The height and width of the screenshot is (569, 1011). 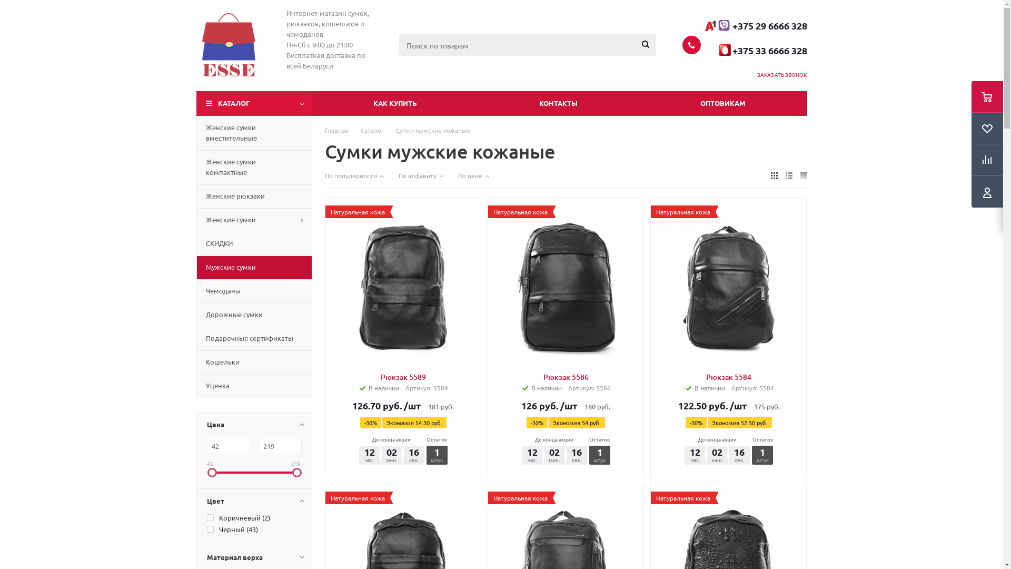 I want to click on 'EcJhZMaWkAAnaJc.jpg', so click(x=710, y=24).